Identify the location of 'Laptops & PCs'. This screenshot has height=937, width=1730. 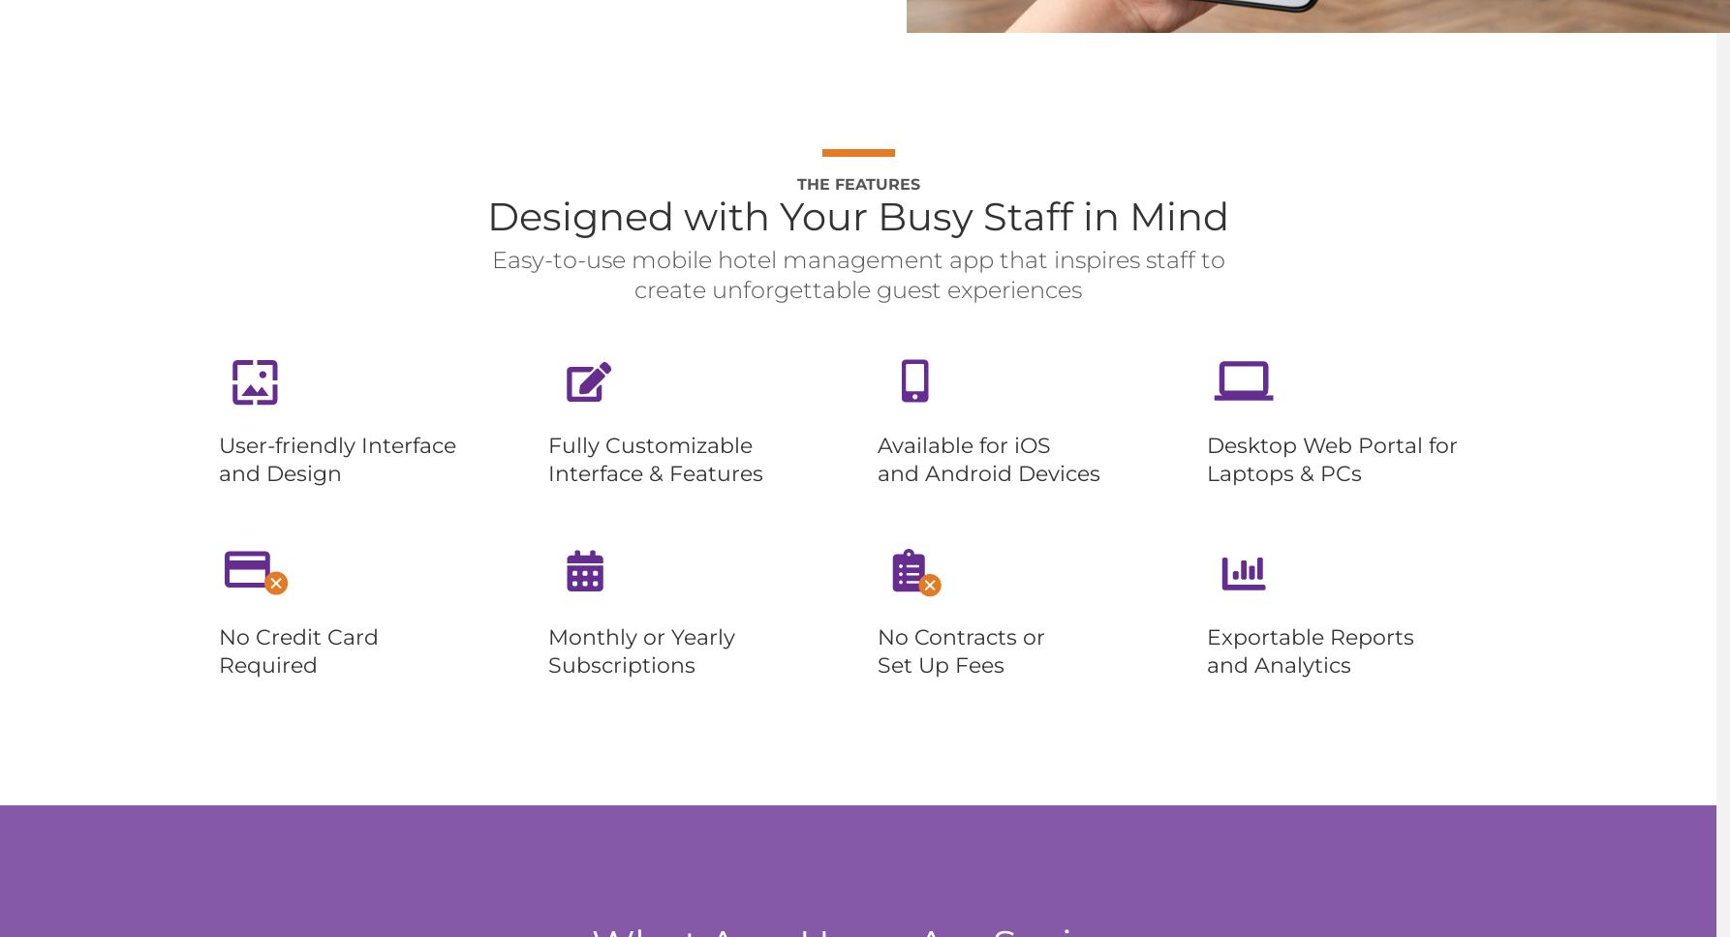
(1283, 472).